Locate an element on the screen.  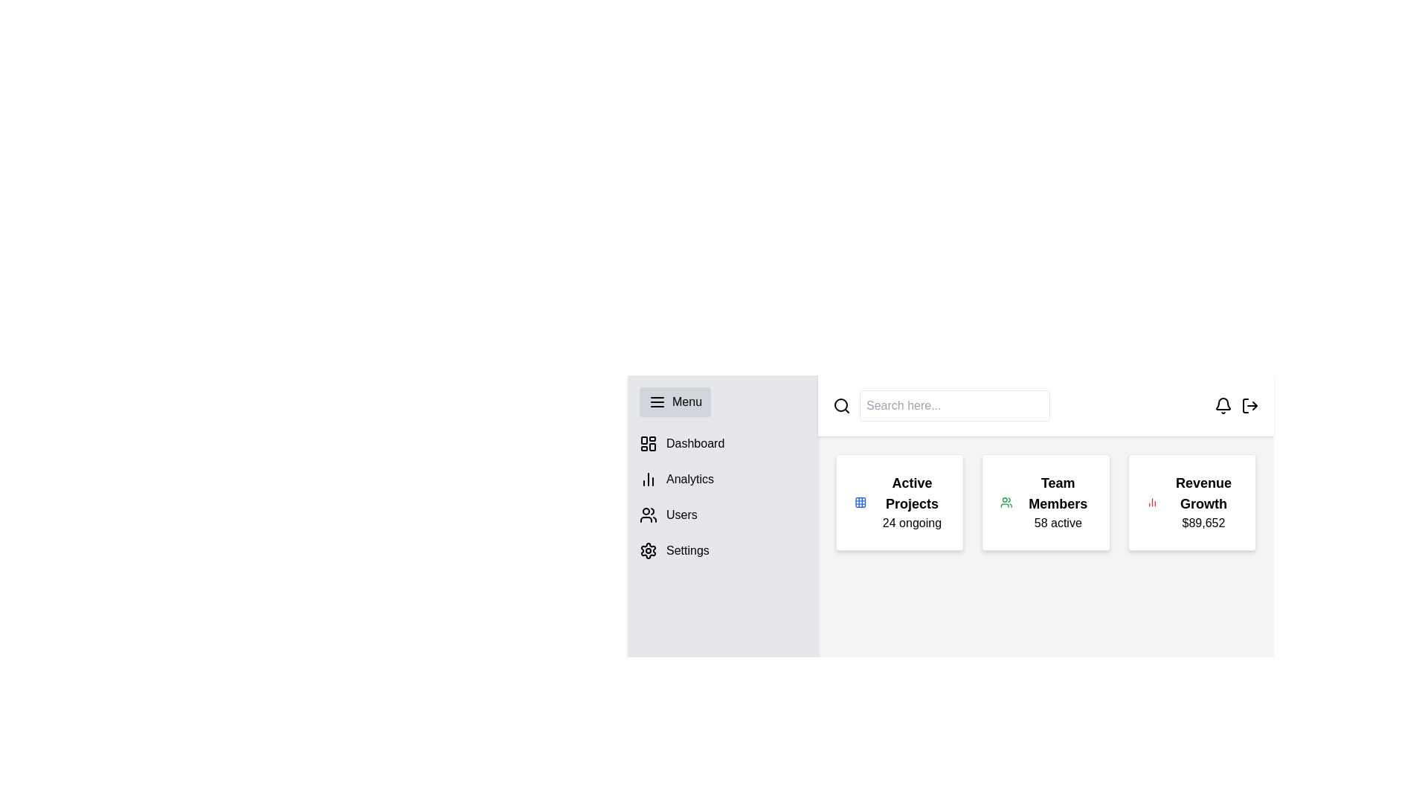
the menu icon, which consists of three horizontally stacked black lines is located at coordinates (656, 401).